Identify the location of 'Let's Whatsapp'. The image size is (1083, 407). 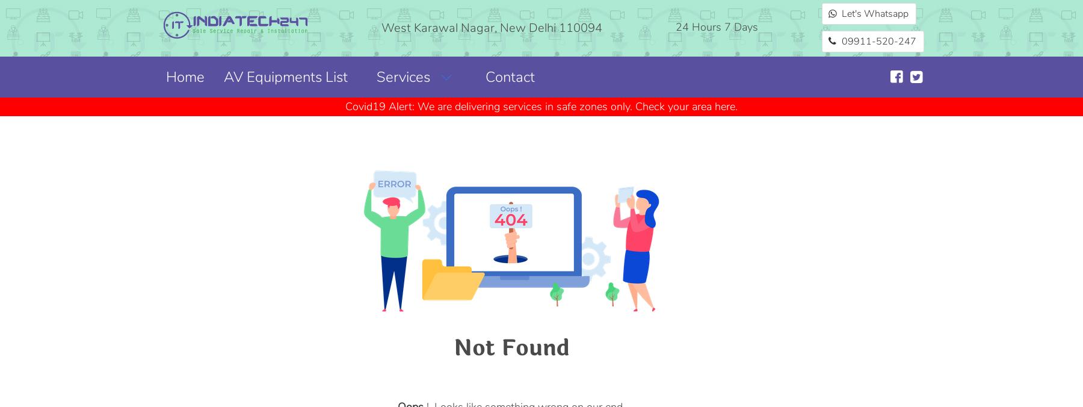
(874, 13).